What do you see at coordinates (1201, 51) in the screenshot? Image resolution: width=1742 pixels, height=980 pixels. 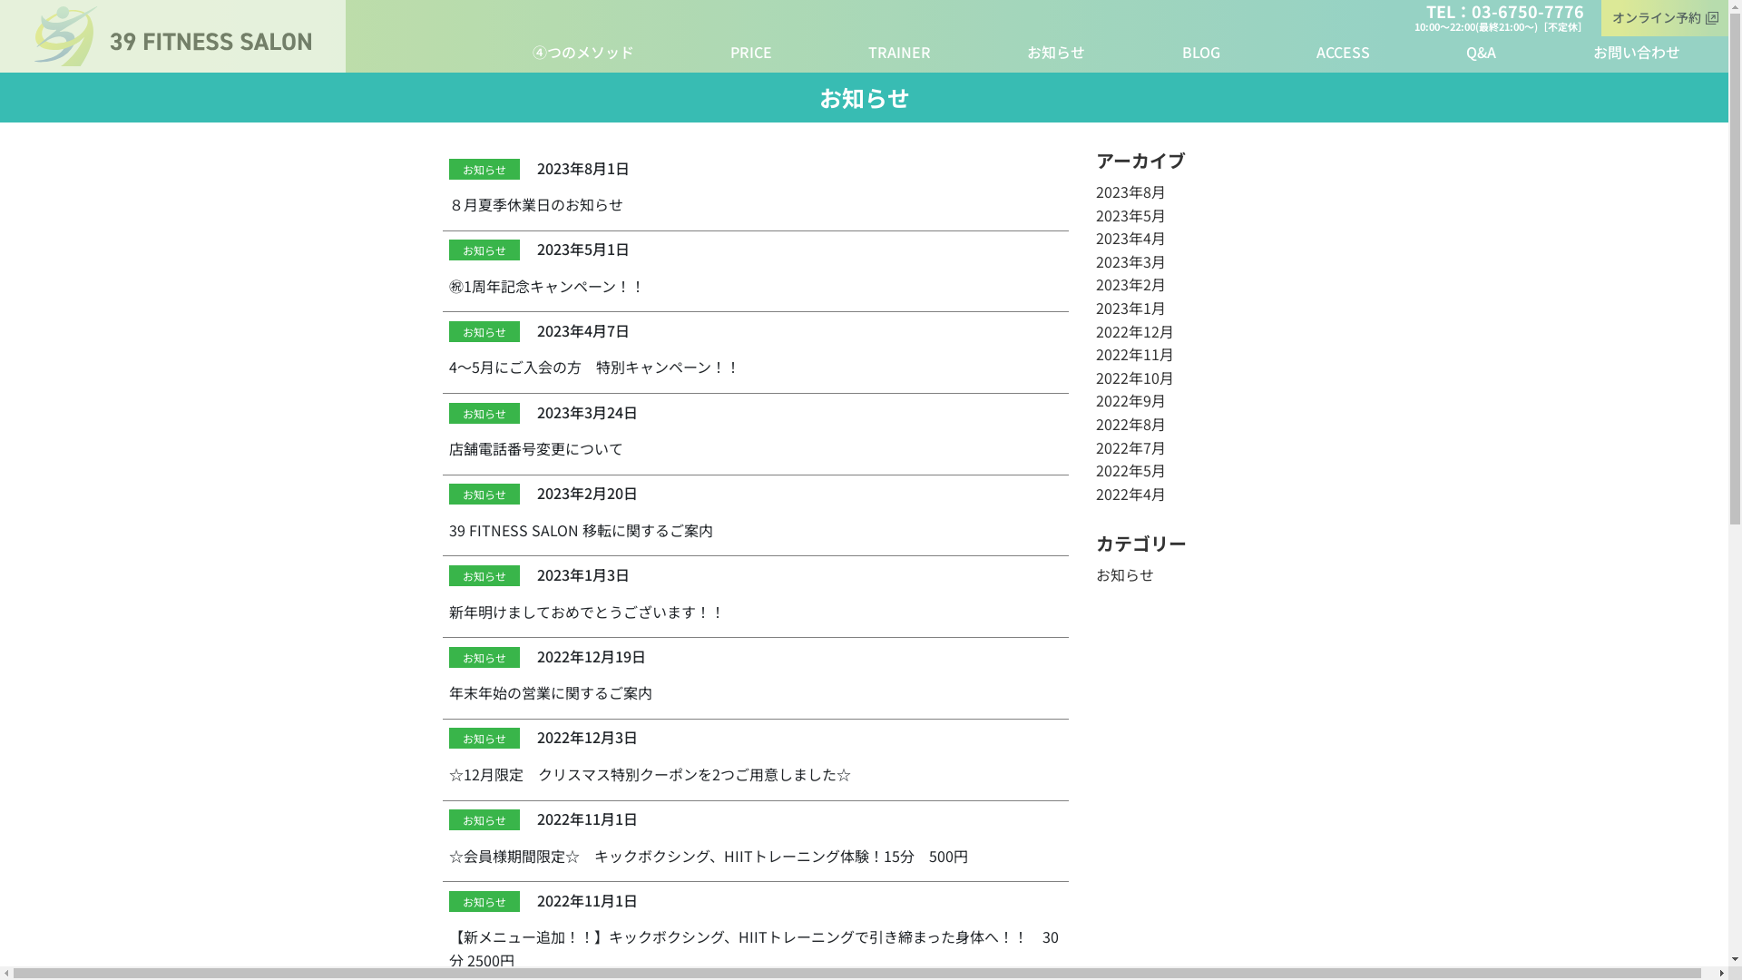 I see `'BLOG'` at bounding box center [1201, 51].